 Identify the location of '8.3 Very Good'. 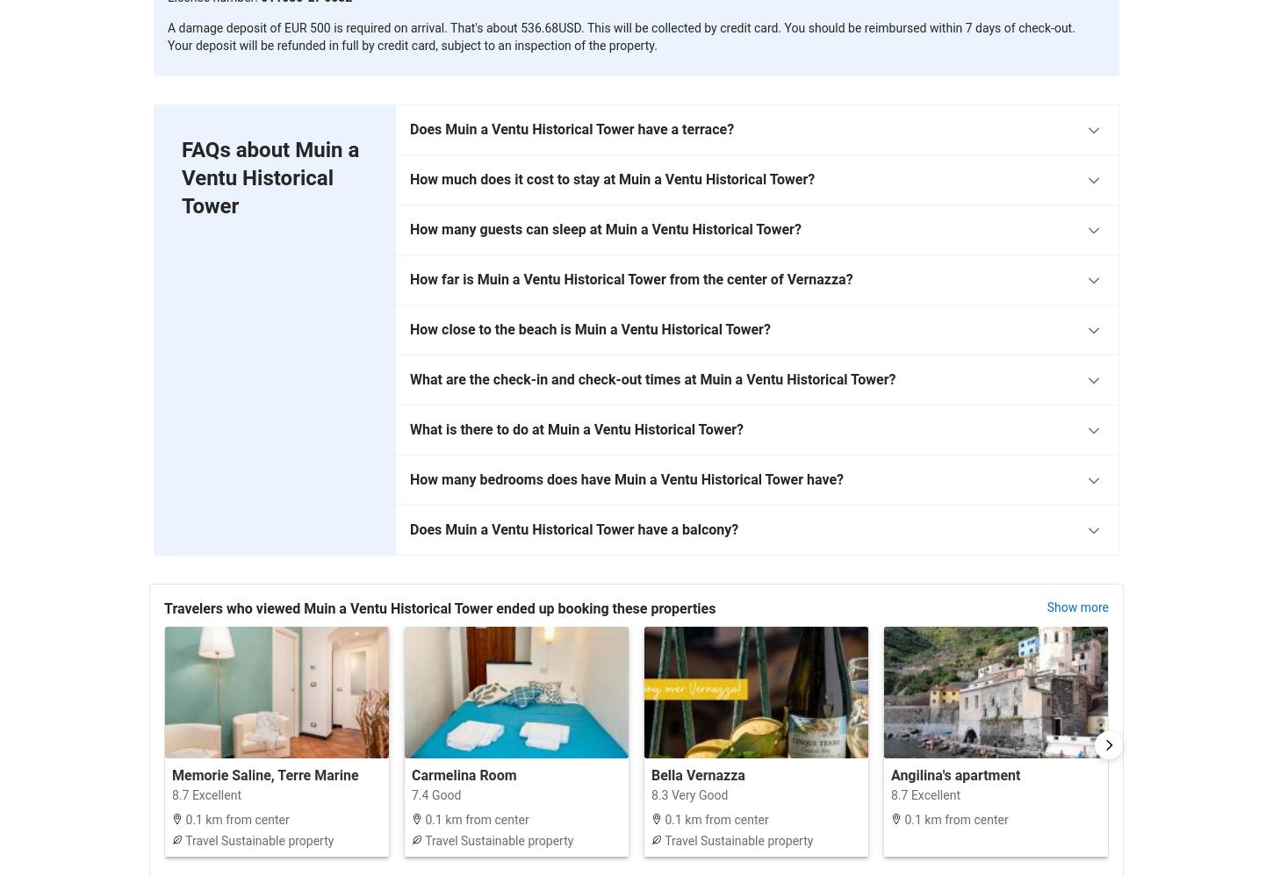
(651, 793).